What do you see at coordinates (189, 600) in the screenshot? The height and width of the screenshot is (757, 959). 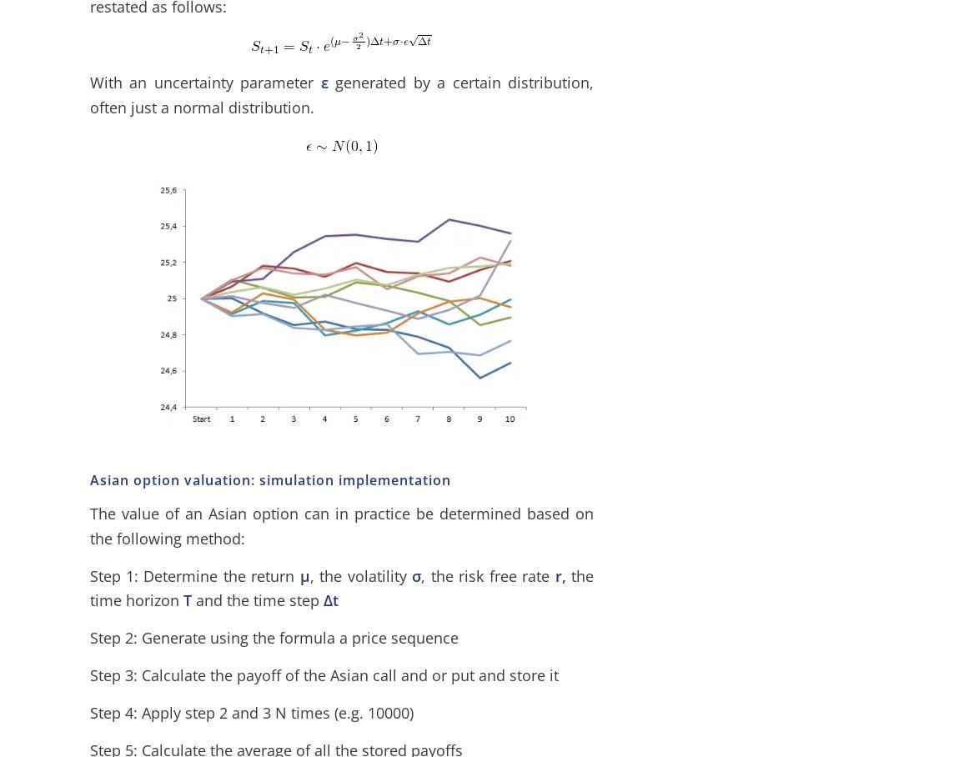 I see `'and the time step'` at bounding box center [189, 600].